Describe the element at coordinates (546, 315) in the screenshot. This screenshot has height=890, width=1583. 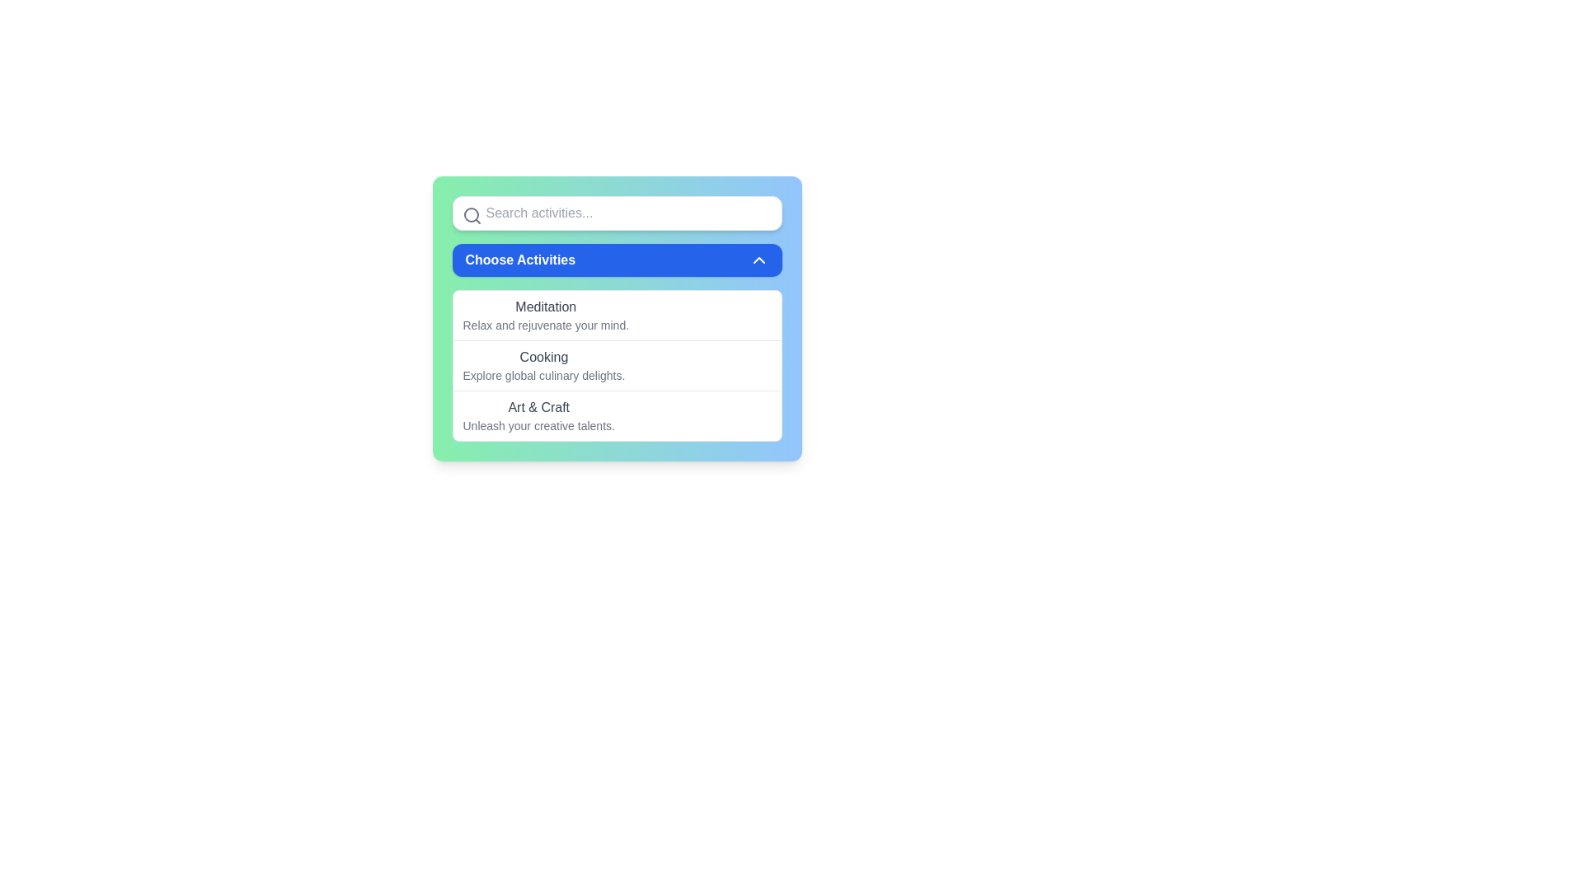
I see `the first text item labeled 'Meditation' in the selectable list` at that location.